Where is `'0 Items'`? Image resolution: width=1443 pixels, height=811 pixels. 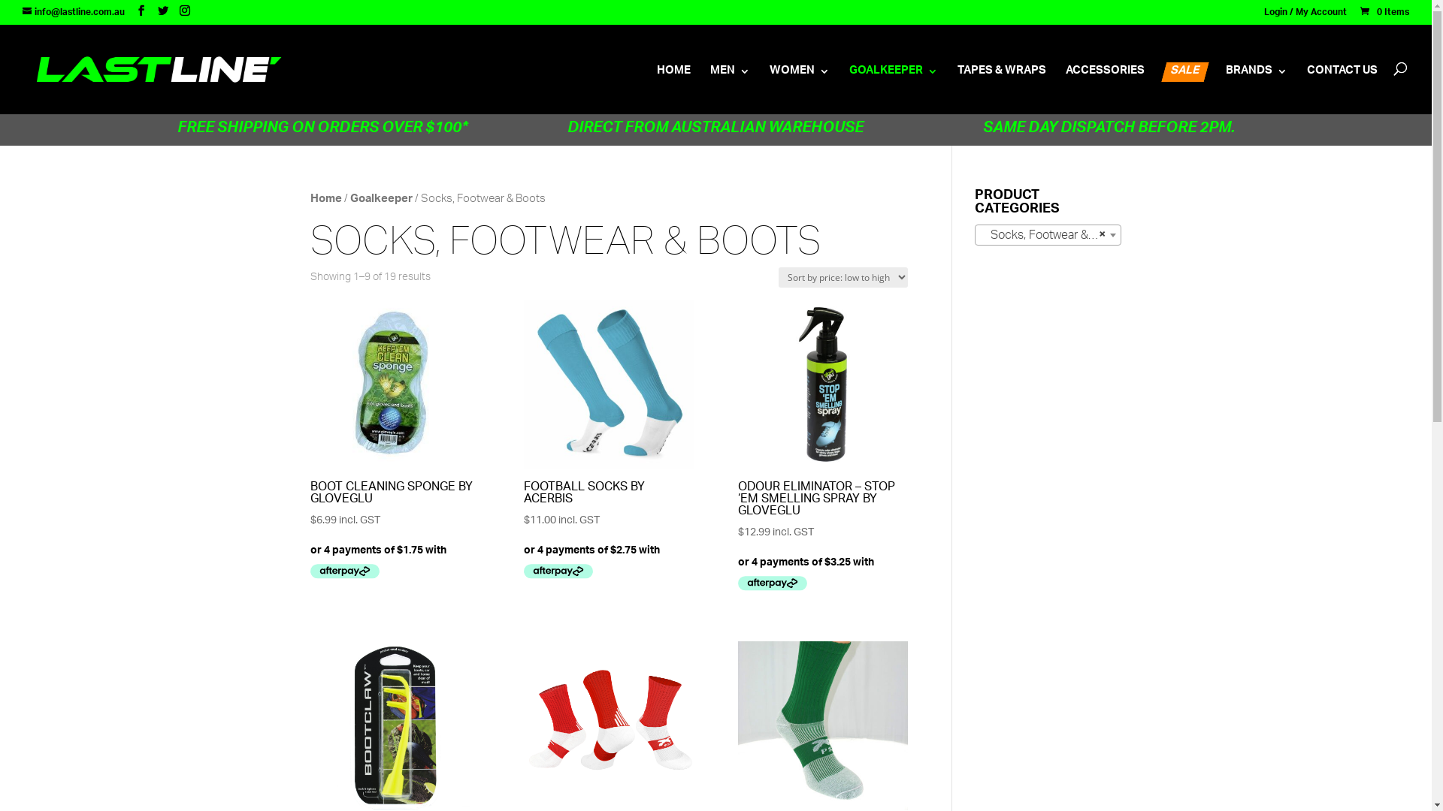 '0 Items' is located at coordinates (1357, 12).